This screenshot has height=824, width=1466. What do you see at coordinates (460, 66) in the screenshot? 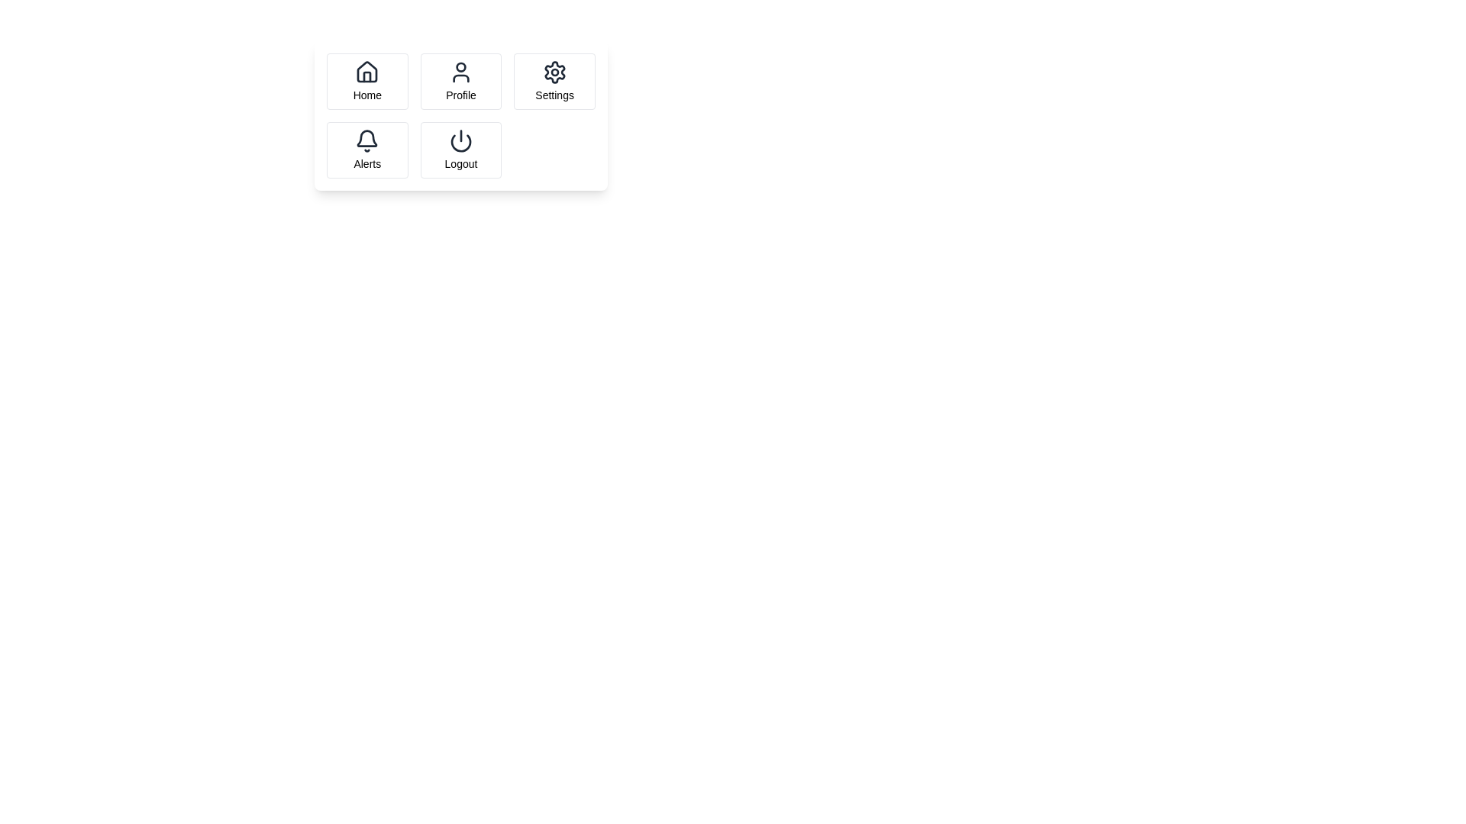
I see `the circular avatar icon located at the center of the user profile SVG element, positioned in the first row and second column of the grid layout` at bounding box center [460, 66].